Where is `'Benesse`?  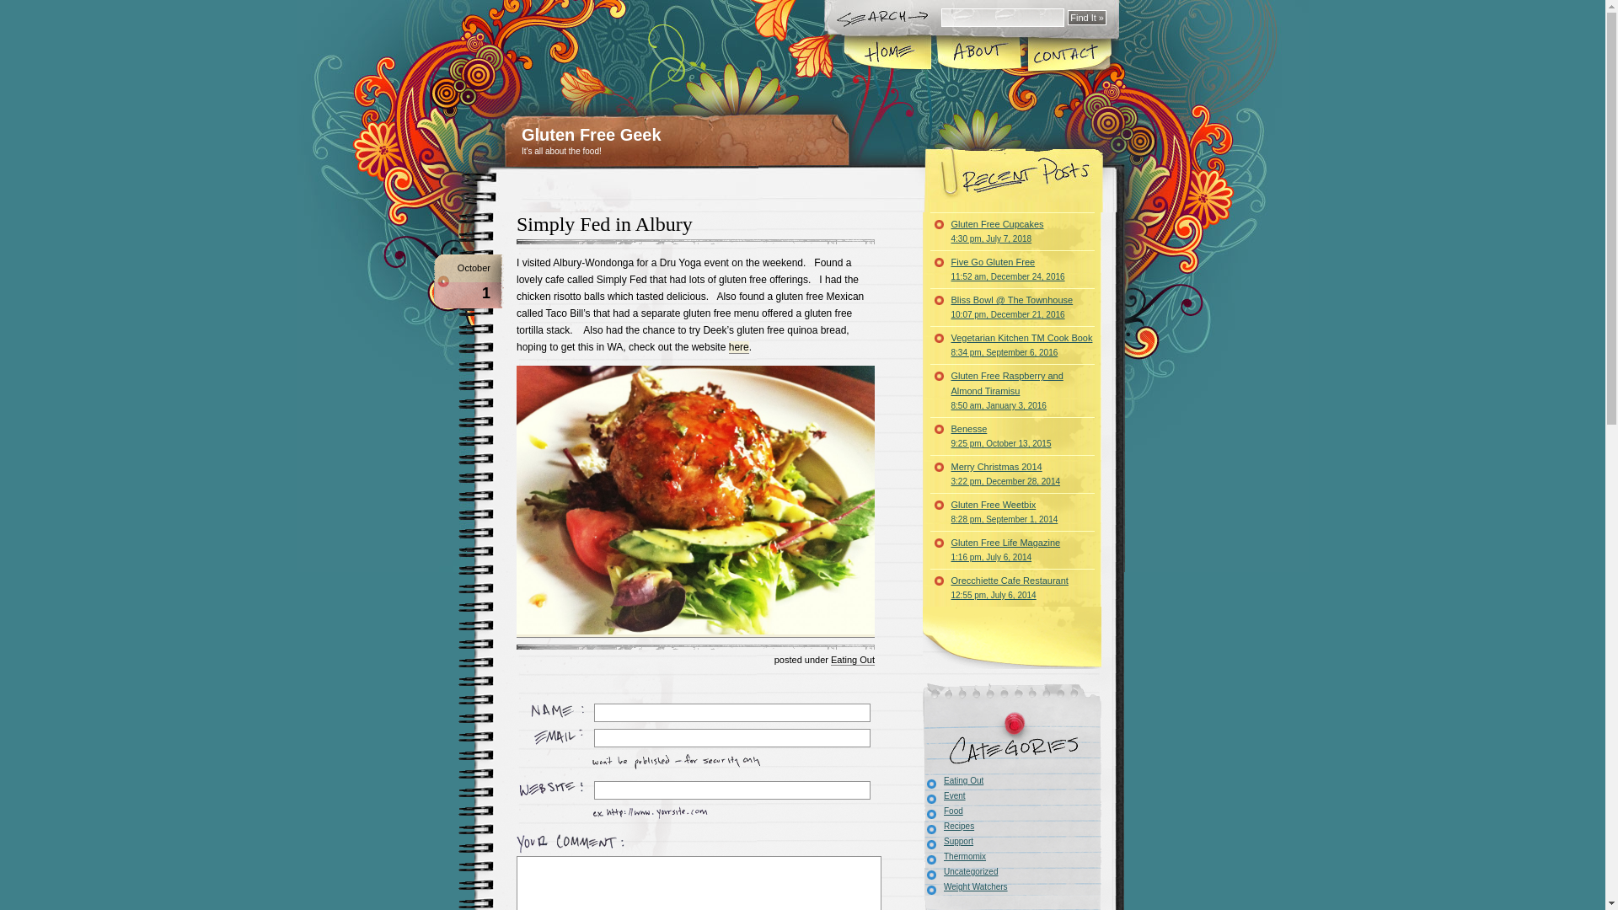 'Benesse is located at coordinates (930, 435).